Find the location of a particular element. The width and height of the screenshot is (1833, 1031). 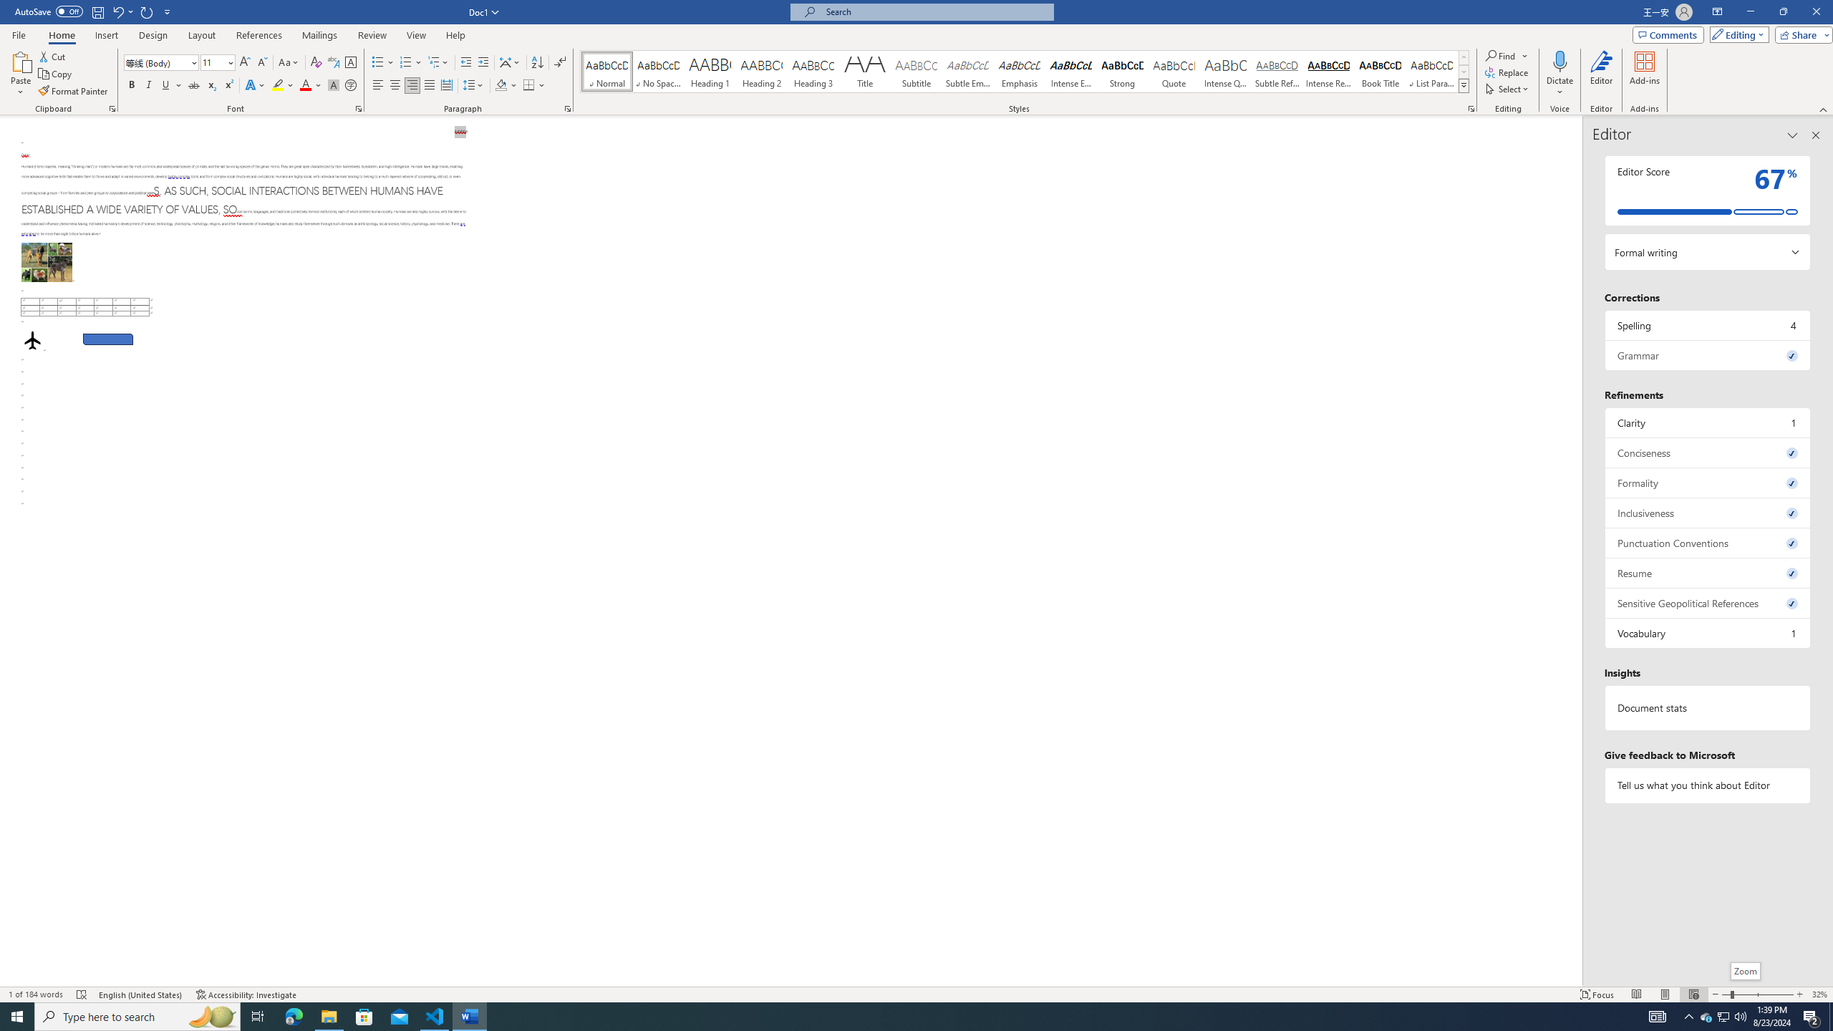

'Intense Emphasis' is located at coordinates (1070, 71).